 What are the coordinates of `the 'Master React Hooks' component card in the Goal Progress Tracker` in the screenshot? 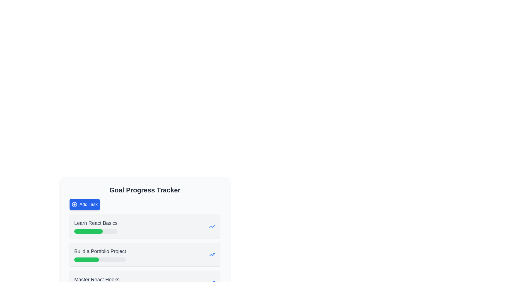 It's located at (145, 283).